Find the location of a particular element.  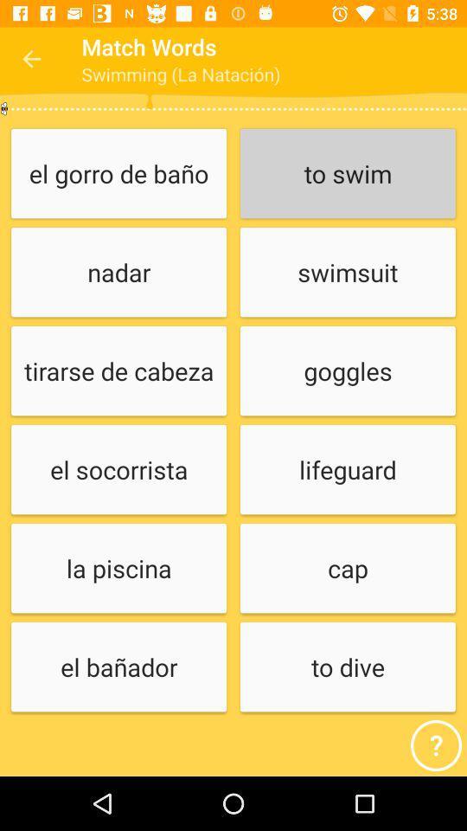

la piscina is located at coordinates (118, 568).